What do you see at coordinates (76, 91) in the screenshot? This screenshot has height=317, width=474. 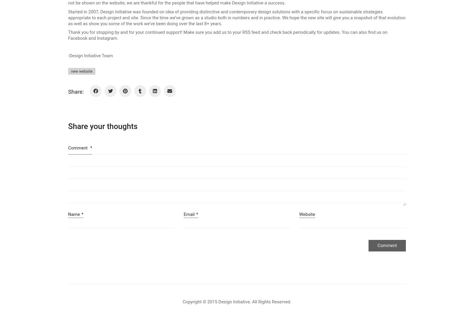 I see `'Share:'` at bounding box center [76, 91].